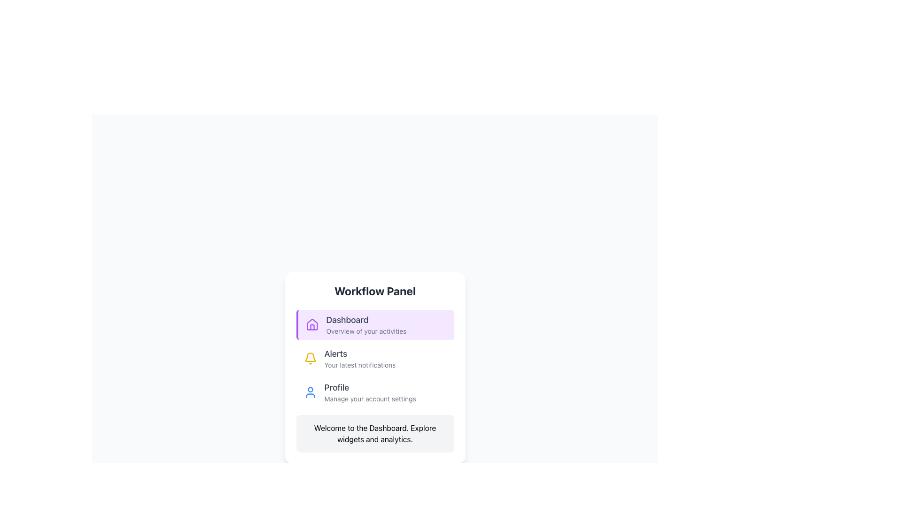 The image size is (902, 507). I want to click on the Text Block that says 'Welcome to the Dashboard. Explore widgets and analytics.' located at the bottom of the 'Workflow Panel' section, so click(374, 434).